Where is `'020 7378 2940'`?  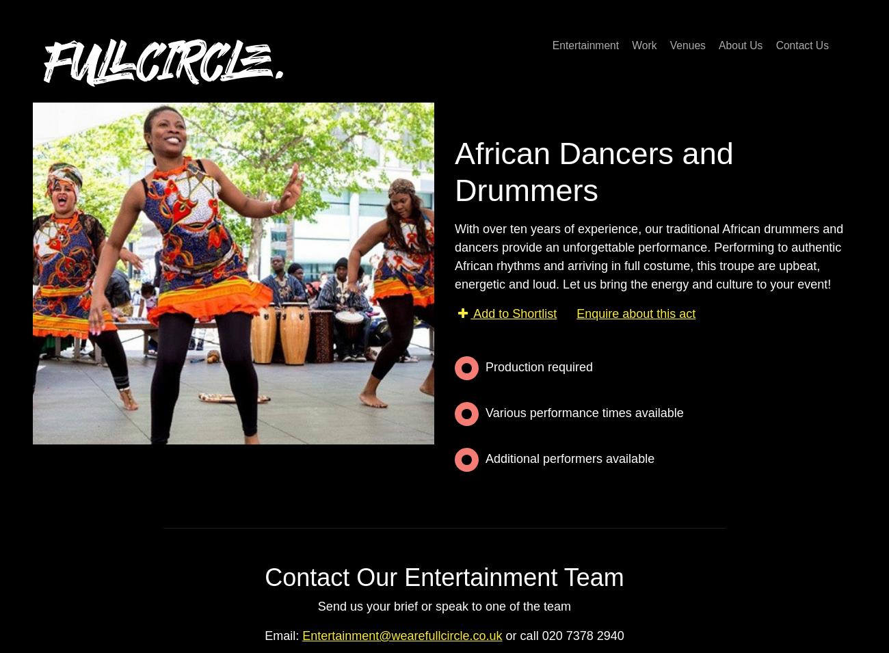 '020 7378 2940' is located at coordinates (583, 635).